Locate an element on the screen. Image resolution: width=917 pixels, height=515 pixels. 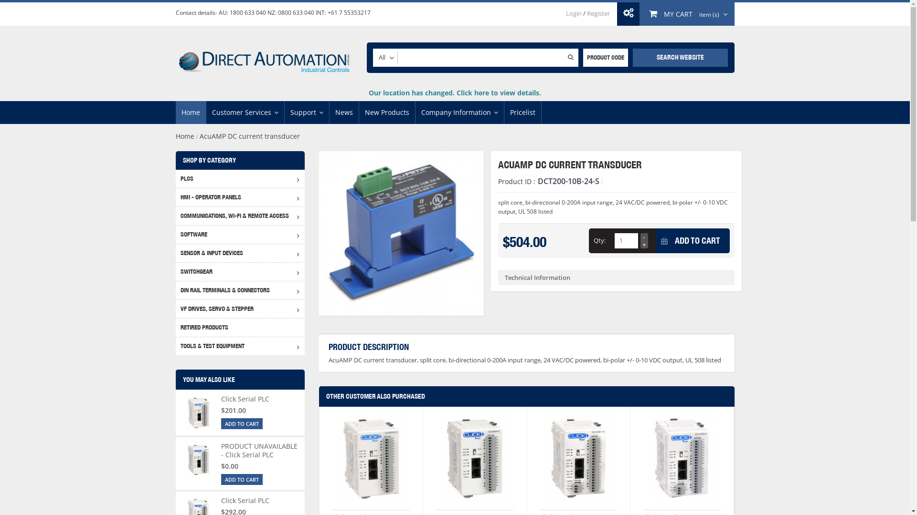
'PLCS' is located at coordinates (176, 178).